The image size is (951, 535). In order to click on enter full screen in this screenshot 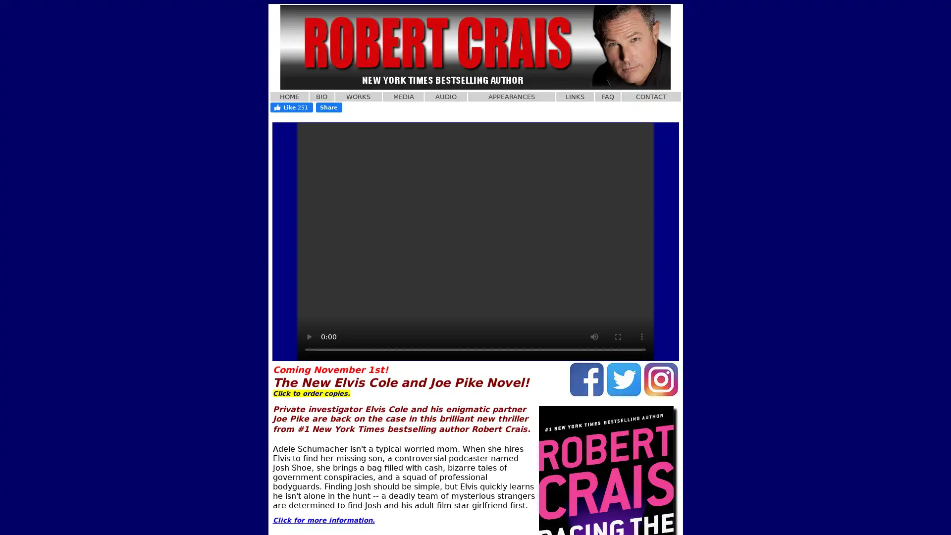, I will do `click(618, 336)`.